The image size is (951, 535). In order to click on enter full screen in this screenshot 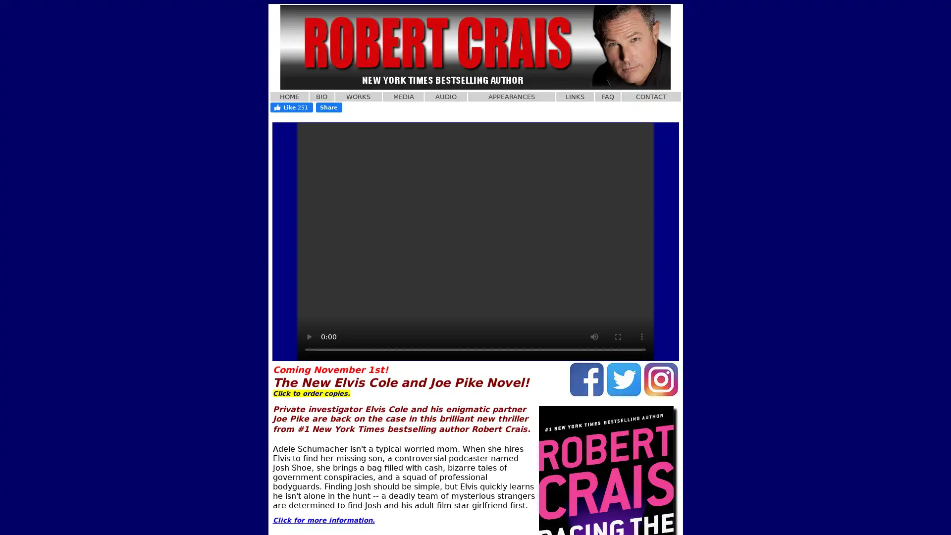, I will do `click(618, 336)`.